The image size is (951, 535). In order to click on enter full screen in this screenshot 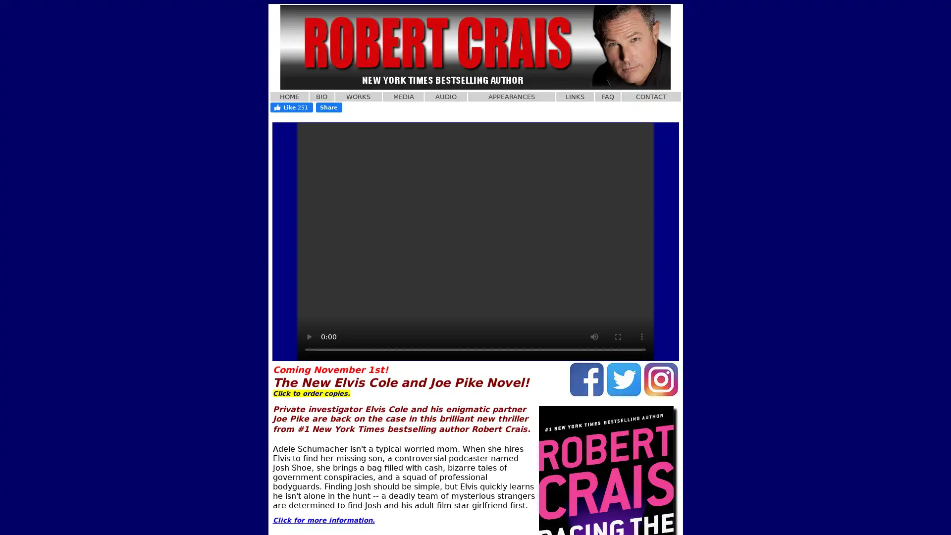, I will do `click(618, 336)`.